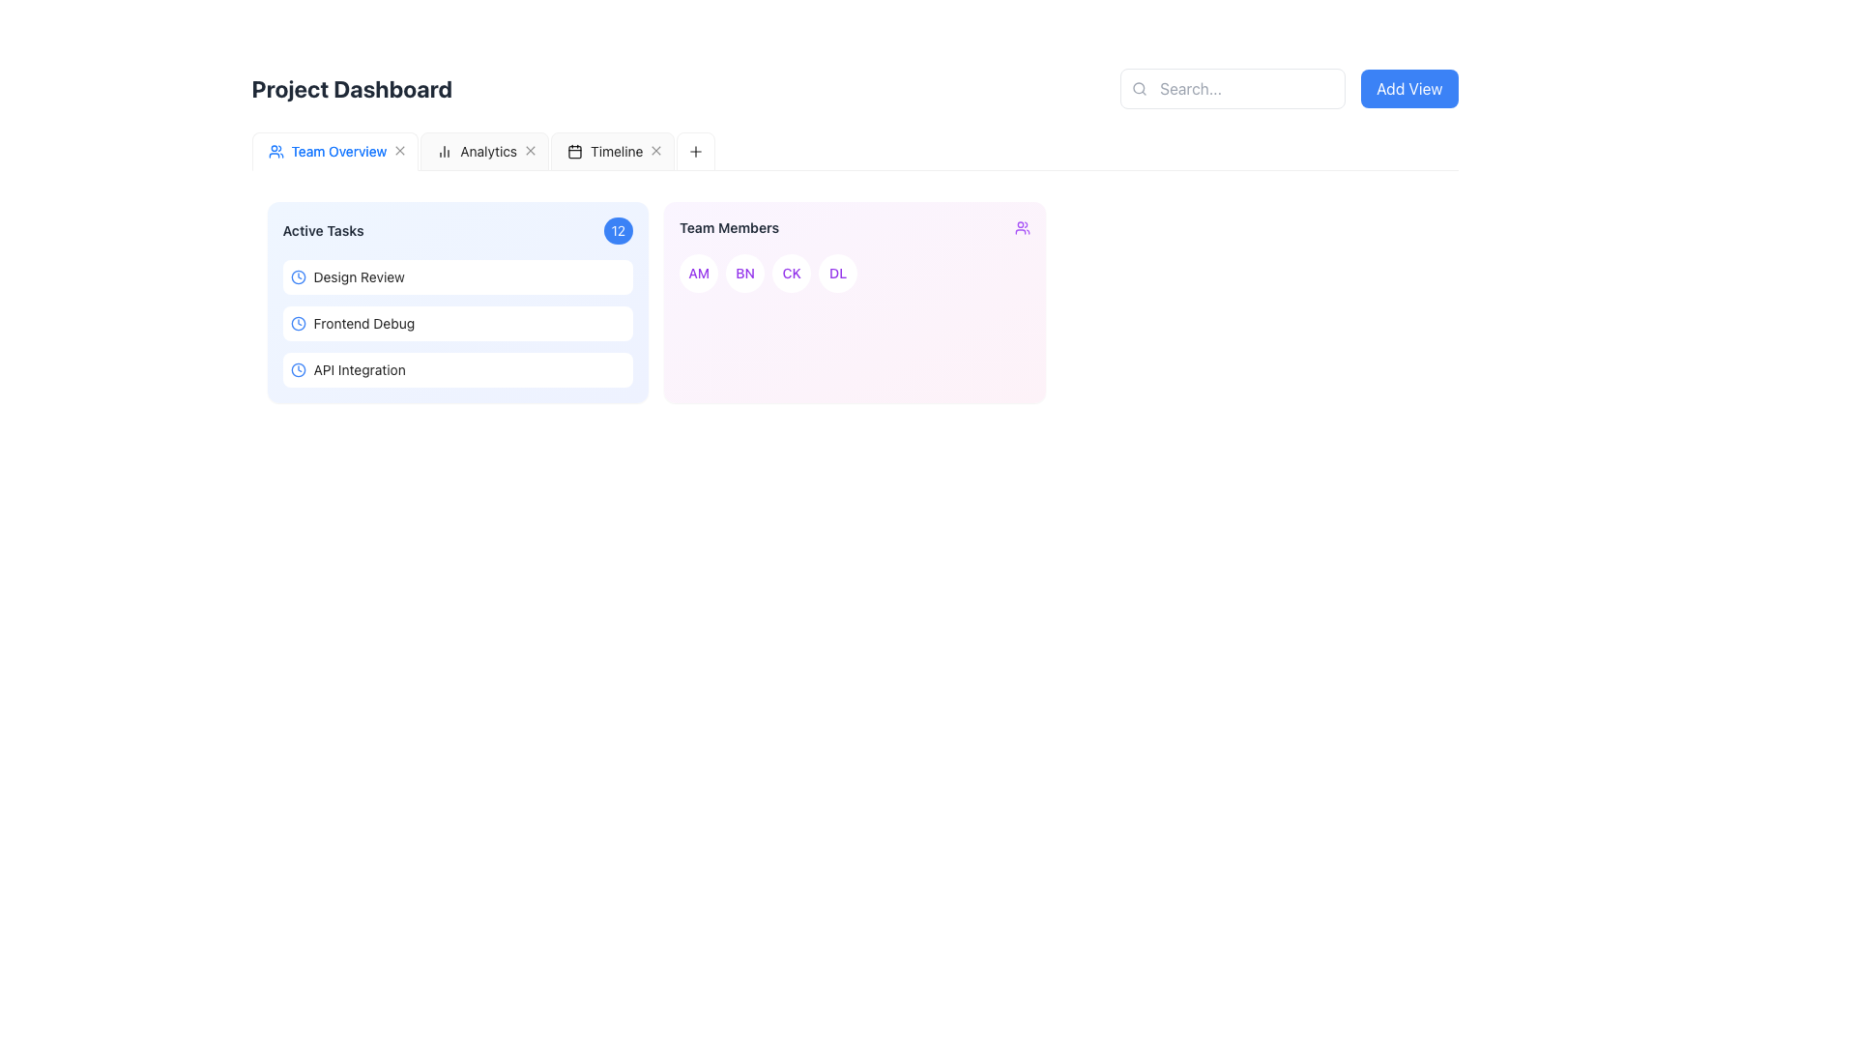 The width and height of the screenshot is (1856, 1044). What do you see at coordinates (456, 369) in the screenshot?
I see `the third item` at bounding box center [456, 369].